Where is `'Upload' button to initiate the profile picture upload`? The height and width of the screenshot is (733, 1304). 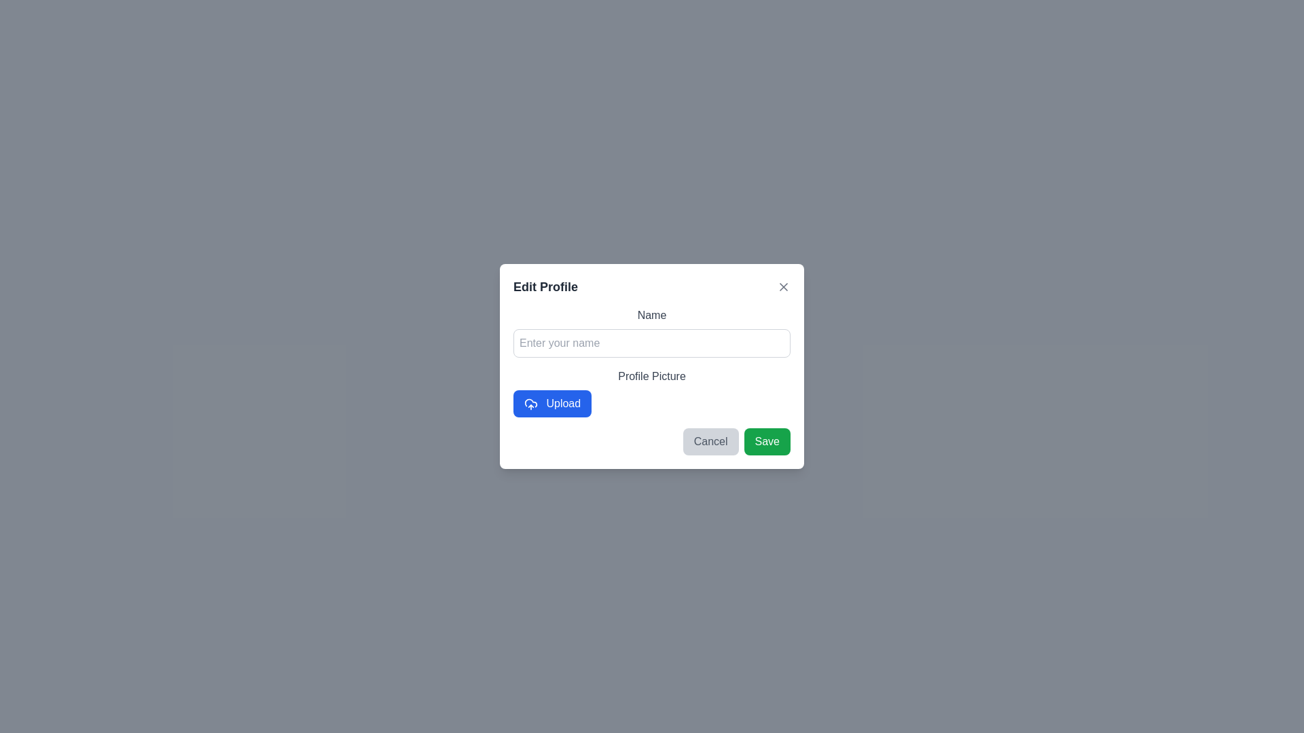 'Upload' button to initiate the profile picture upload is located at coordinates (551, 402).